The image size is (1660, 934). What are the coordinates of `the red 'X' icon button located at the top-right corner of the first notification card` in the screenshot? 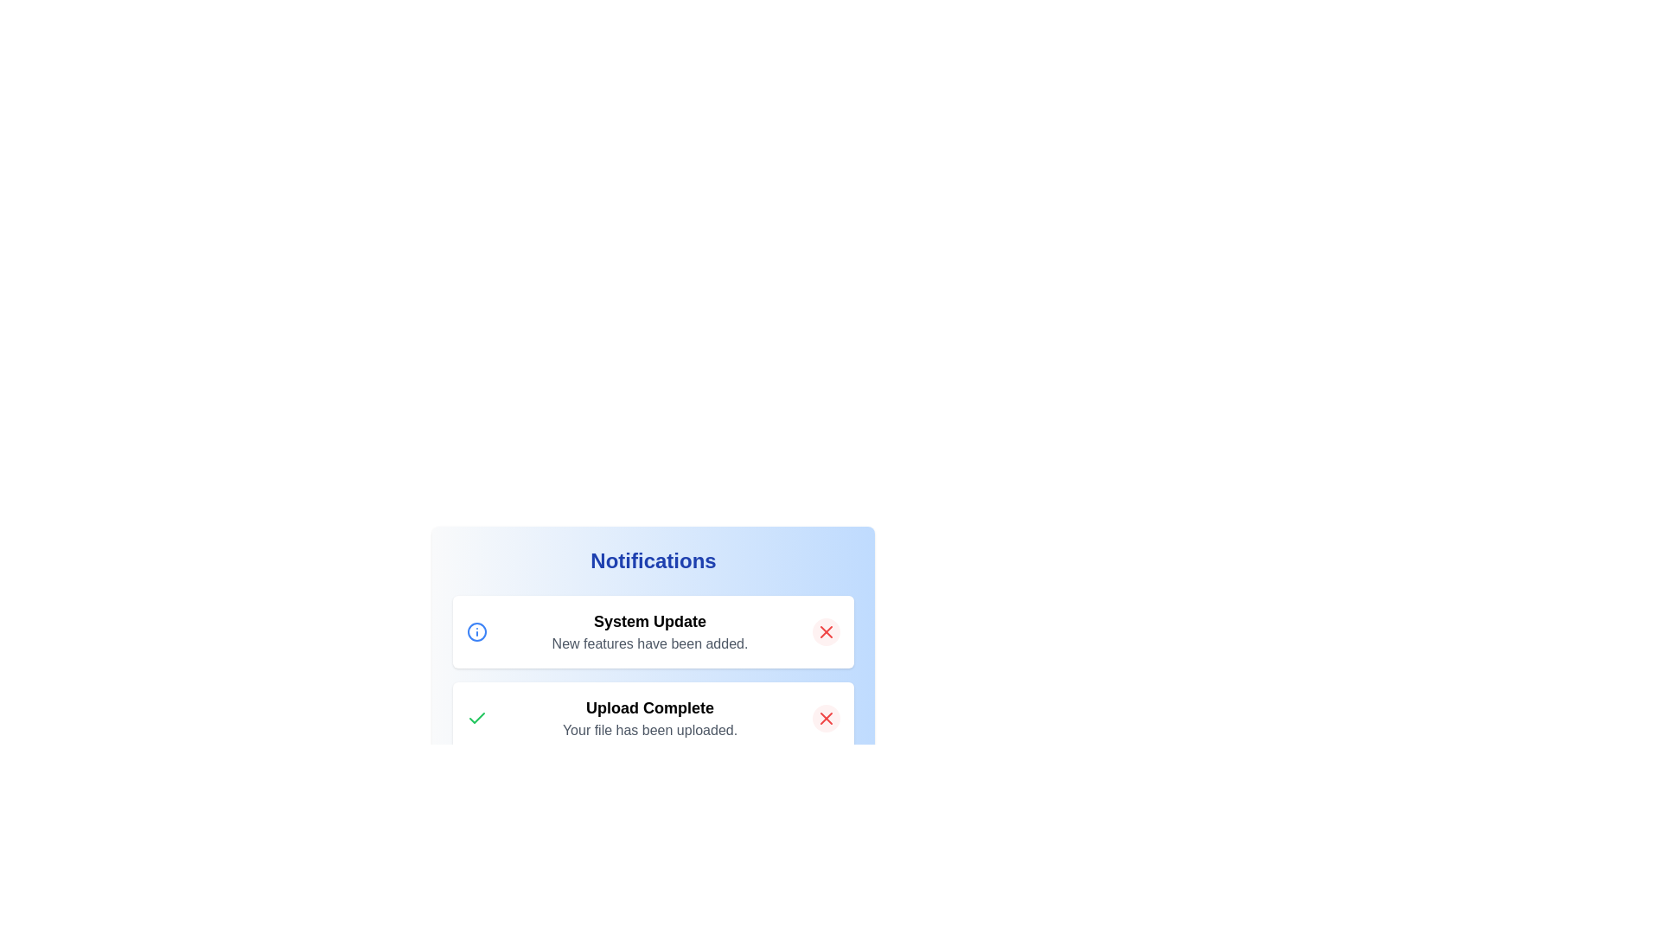 It's located at (825, 632).